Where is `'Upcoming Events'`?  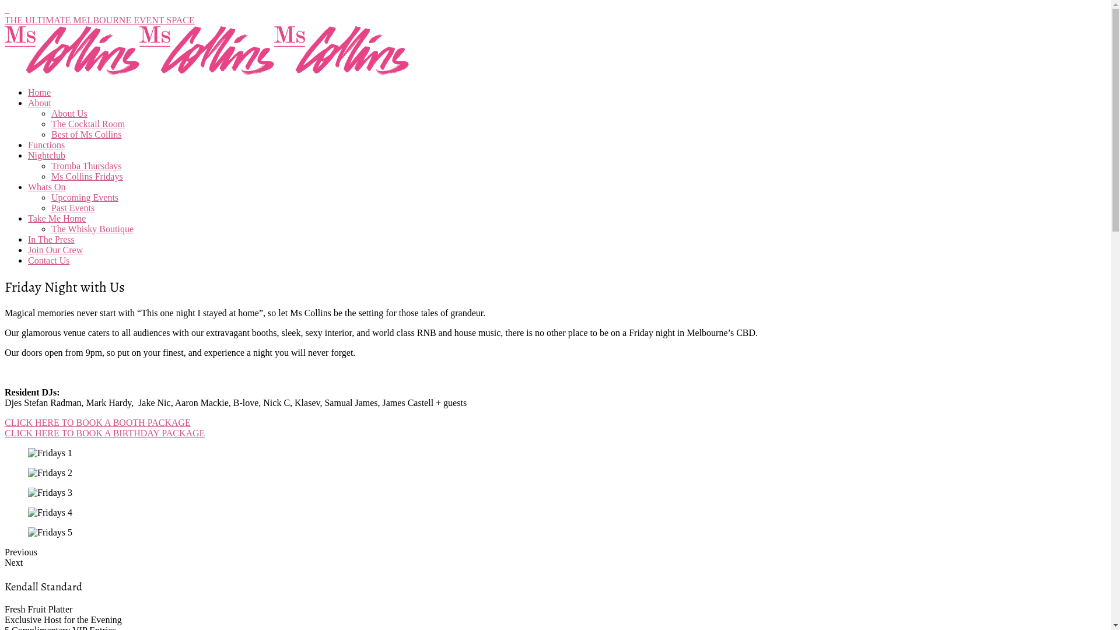
'Upcoming Events' is located at coordinates (84, 197).